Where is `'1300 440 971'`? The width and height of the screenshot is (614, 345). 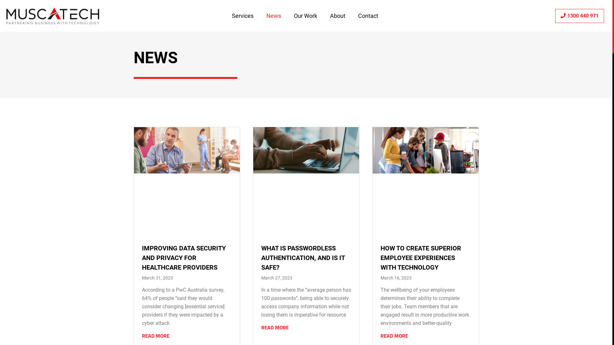
'1300 440 971' is located at coordinates (555, 16).